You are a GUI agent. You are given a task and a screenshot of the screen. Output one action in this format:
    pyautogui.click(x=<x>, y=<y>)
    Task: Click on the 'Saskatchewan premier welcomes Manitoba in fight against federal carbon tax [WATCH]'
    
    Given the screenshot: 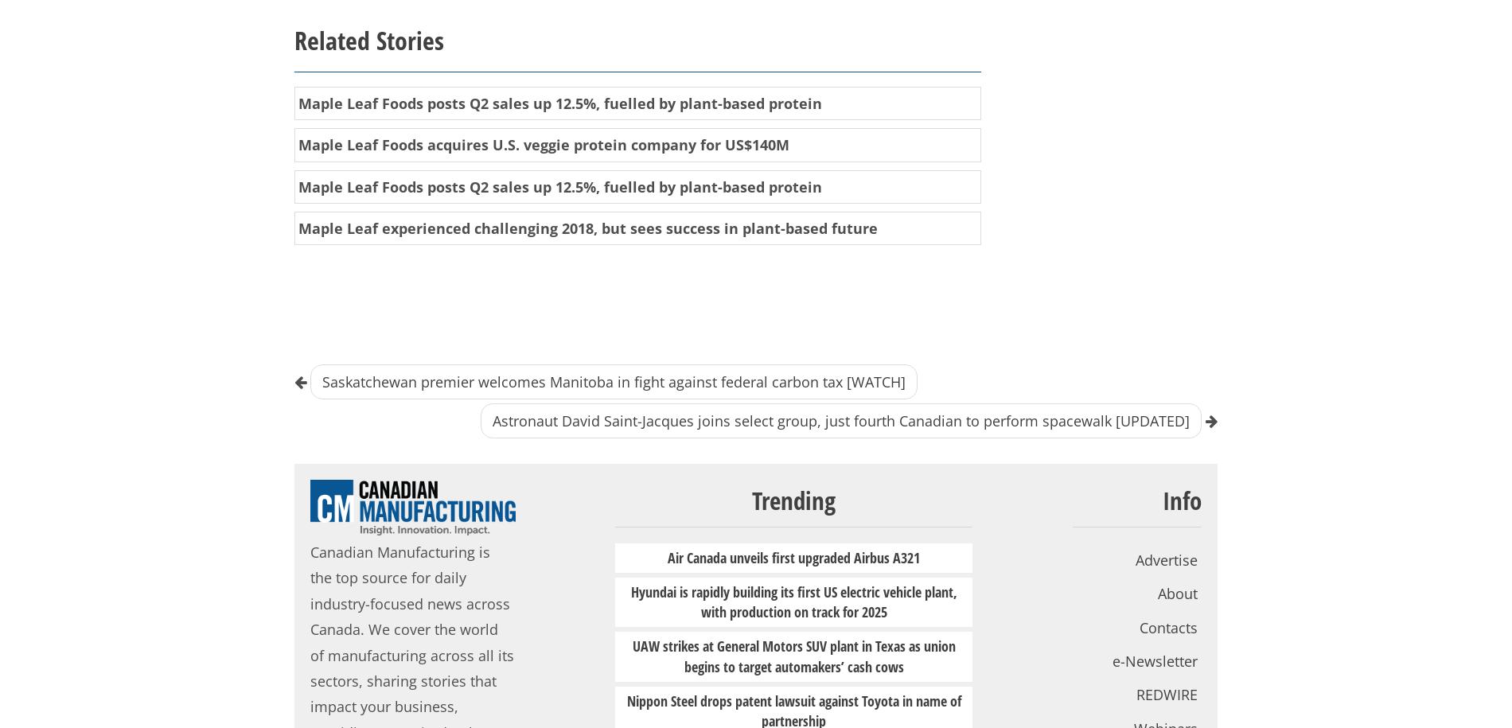 What is the action you would take?
    pyautogui.click(x=613, y=380)
    